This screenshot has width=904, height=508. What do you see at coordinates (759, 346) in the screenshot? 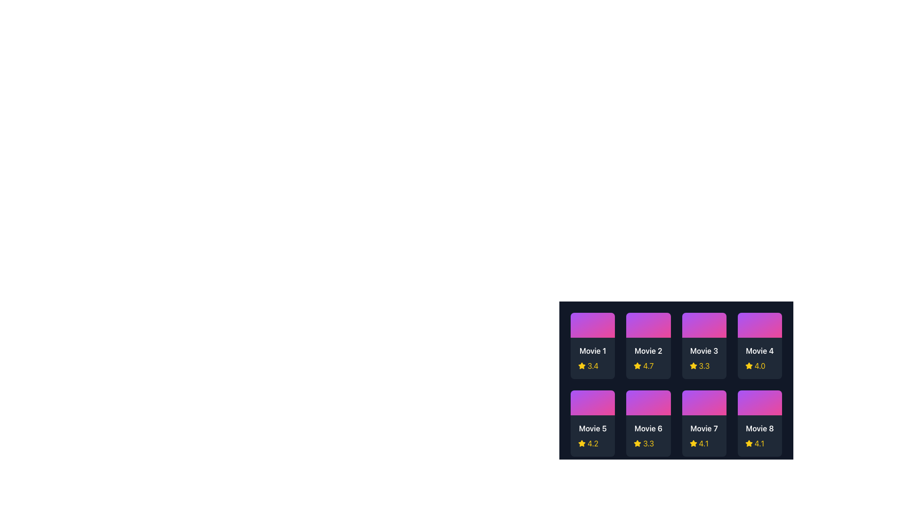
I see `the fourth card in the first row of the movie selection grid` at bounding box center [759, 346].